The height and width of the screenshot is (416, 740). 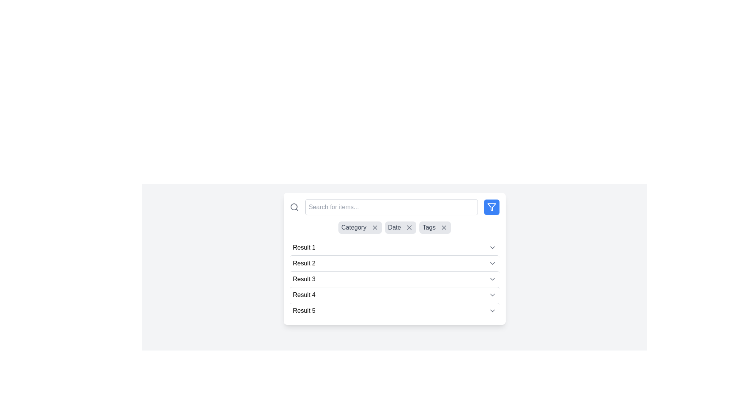 What do you see at coordinates (394, 227) in the screenshot?
I see `the text label indicating a date filter in the tag selection interface` at bounding box center [394, 227].